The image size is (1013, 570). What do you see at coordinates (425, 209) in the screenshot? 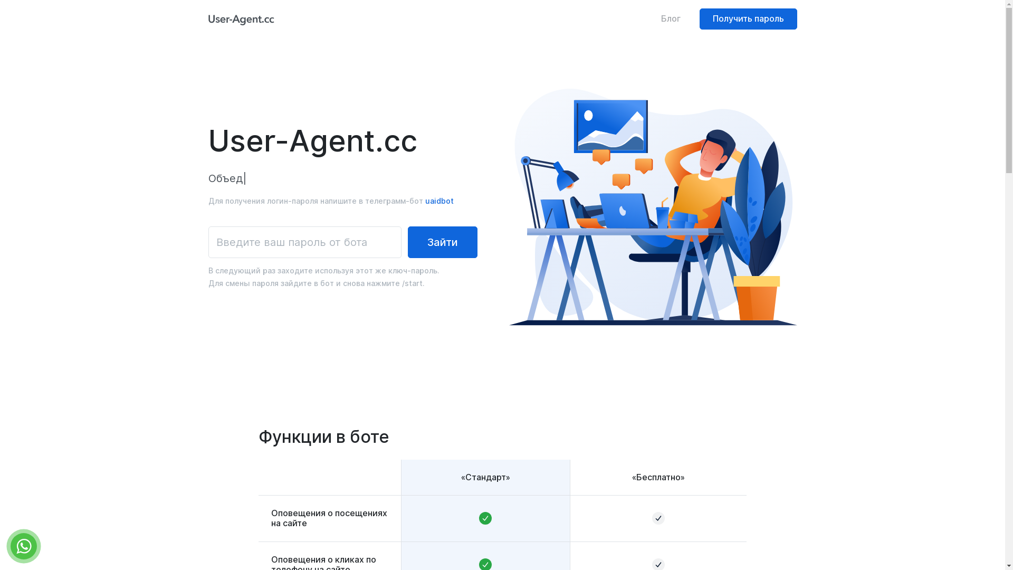
I see `'uaidbot'` at bounding box center [425, 209].